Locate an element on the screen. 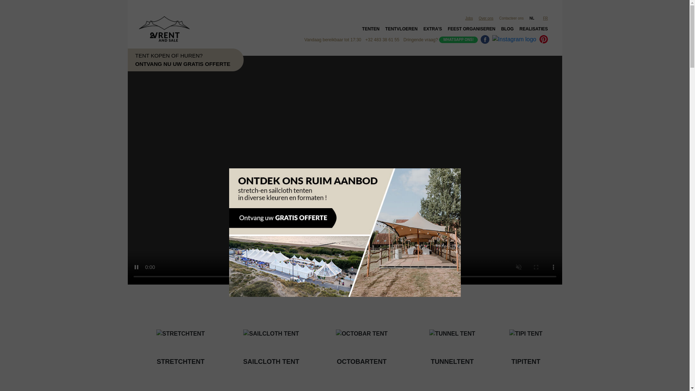 This screenshot has width=695, height=391. 'Contacteer ons' is located at coordinates (511, 18).